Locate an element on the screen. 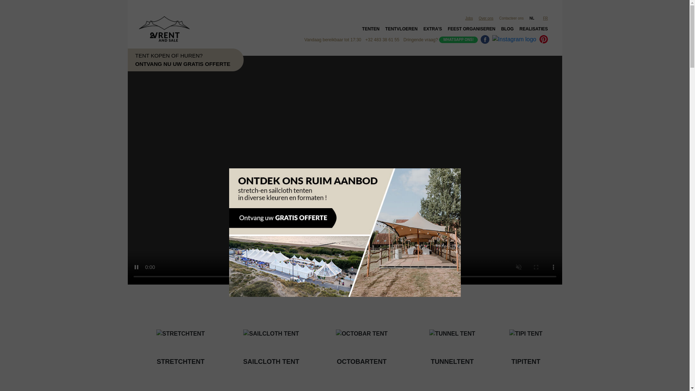 This screenshot has width=695, height=391. 'Contacteer ons' is located at coordinates (511, 18).